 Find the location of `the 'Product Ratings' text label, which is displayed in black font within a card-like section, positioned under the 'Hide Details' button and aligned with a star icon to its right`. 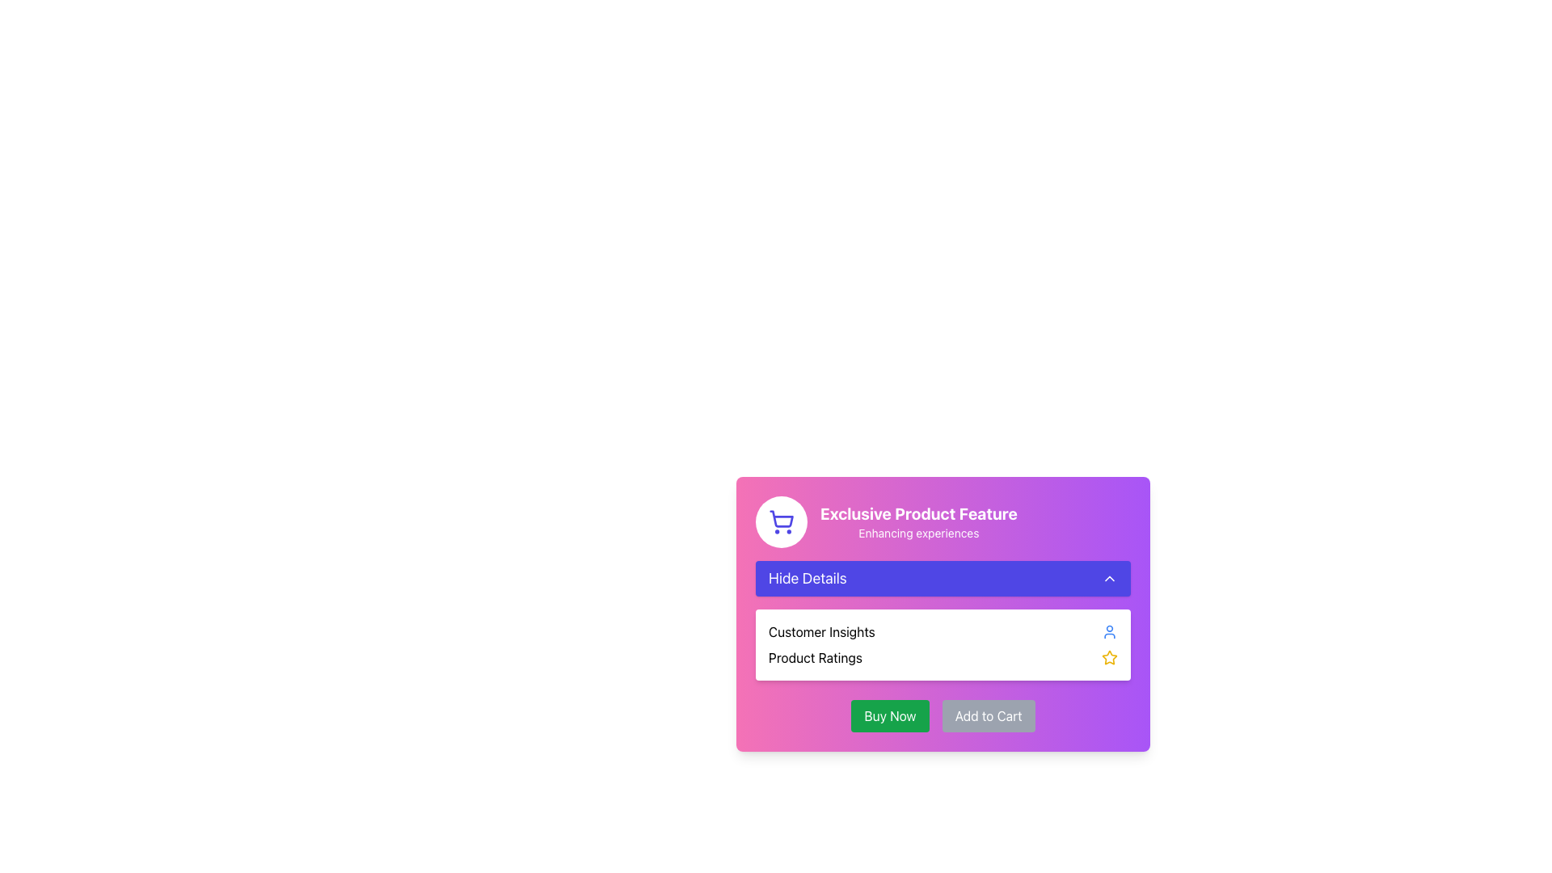

the 'Product Ratings' text label, which is displayed in black font within a card-like section, positioned under the 'Hide Details' button and aligned with a star icon to its right is located at coordinates (815, 657).